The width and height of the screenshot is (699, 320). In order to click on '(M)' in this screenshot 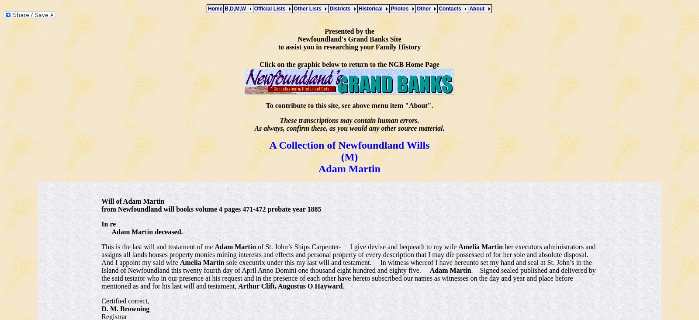, I will do `click(341, 157)`.